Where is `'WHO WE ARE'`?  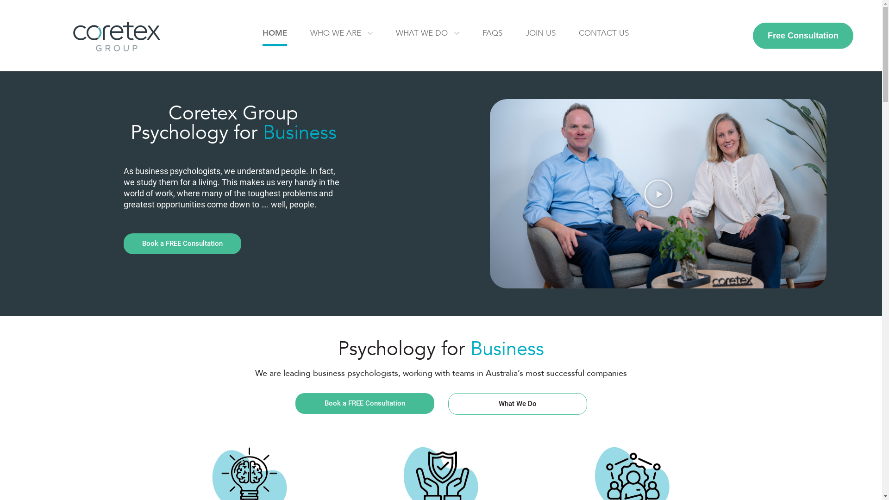 'WHO WE ARE' is located at coordinates (310, 34).